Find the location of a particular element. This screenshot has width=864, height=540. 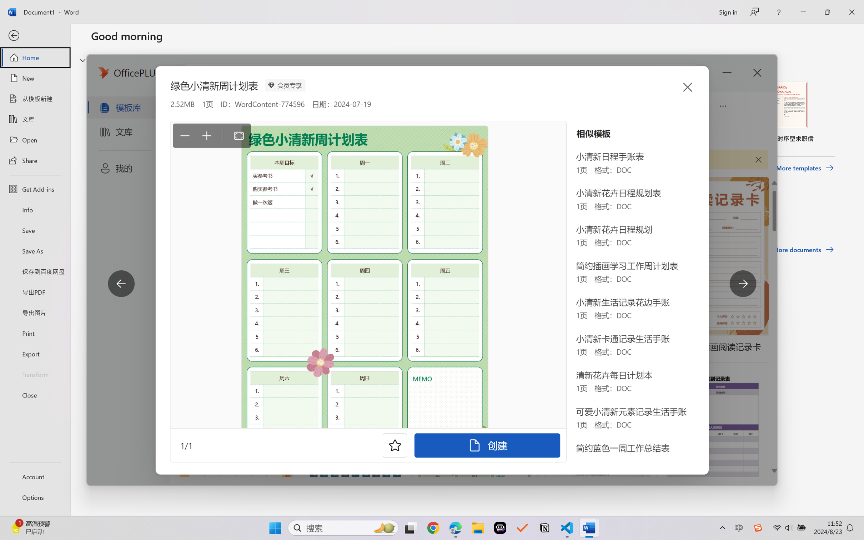

'Sign in' is located at coordinates (727, 12).